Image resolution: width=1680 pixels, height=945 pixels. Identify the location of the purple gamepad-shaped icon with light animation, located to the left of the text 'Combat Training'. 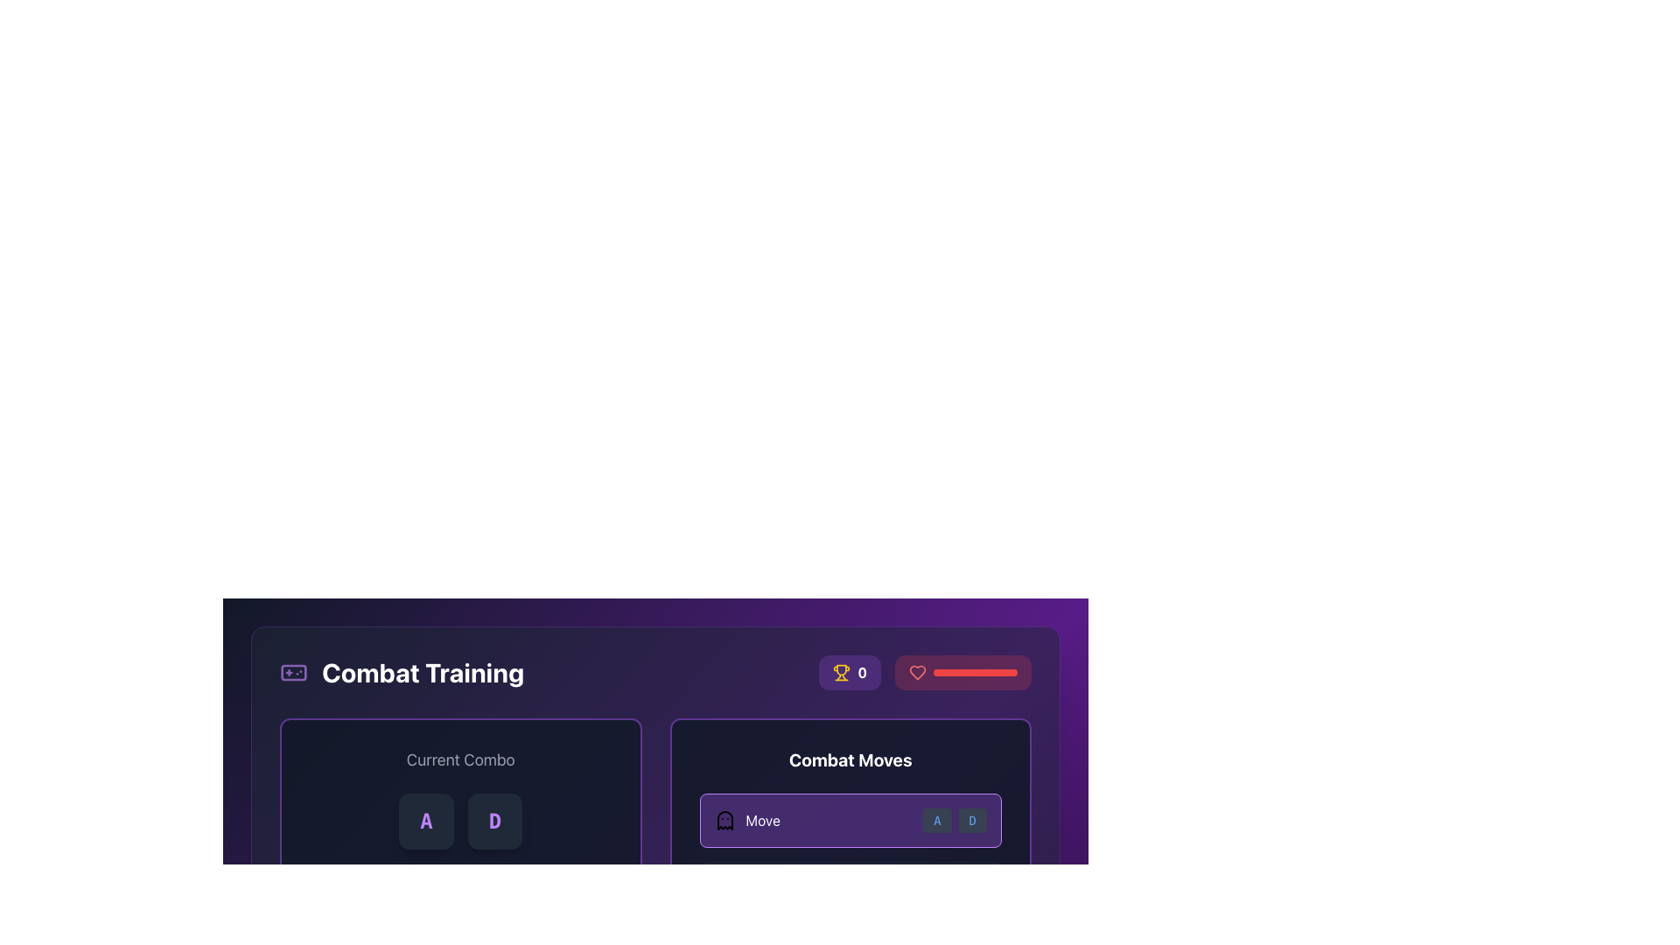
(294, 671).